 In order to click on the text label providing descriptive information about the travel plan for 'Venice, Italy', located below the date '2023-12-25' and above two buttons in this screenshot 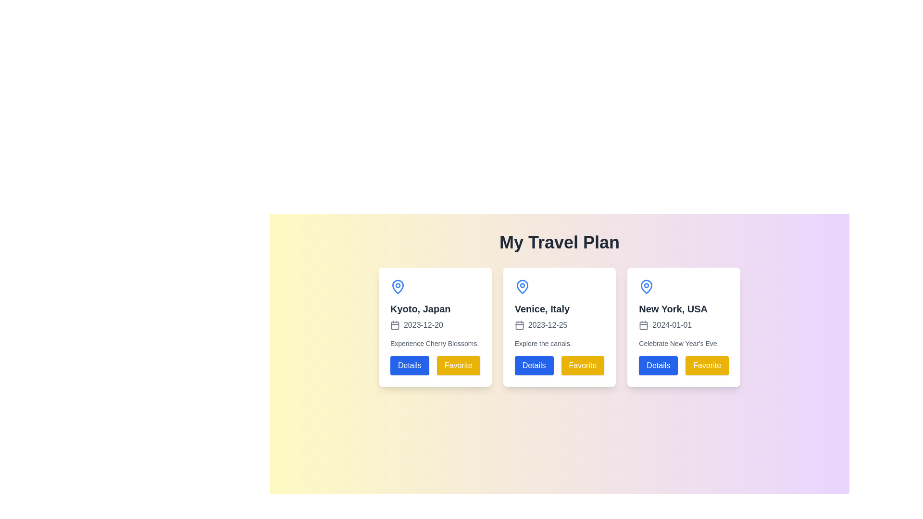, I will do `click(543, 343)`.